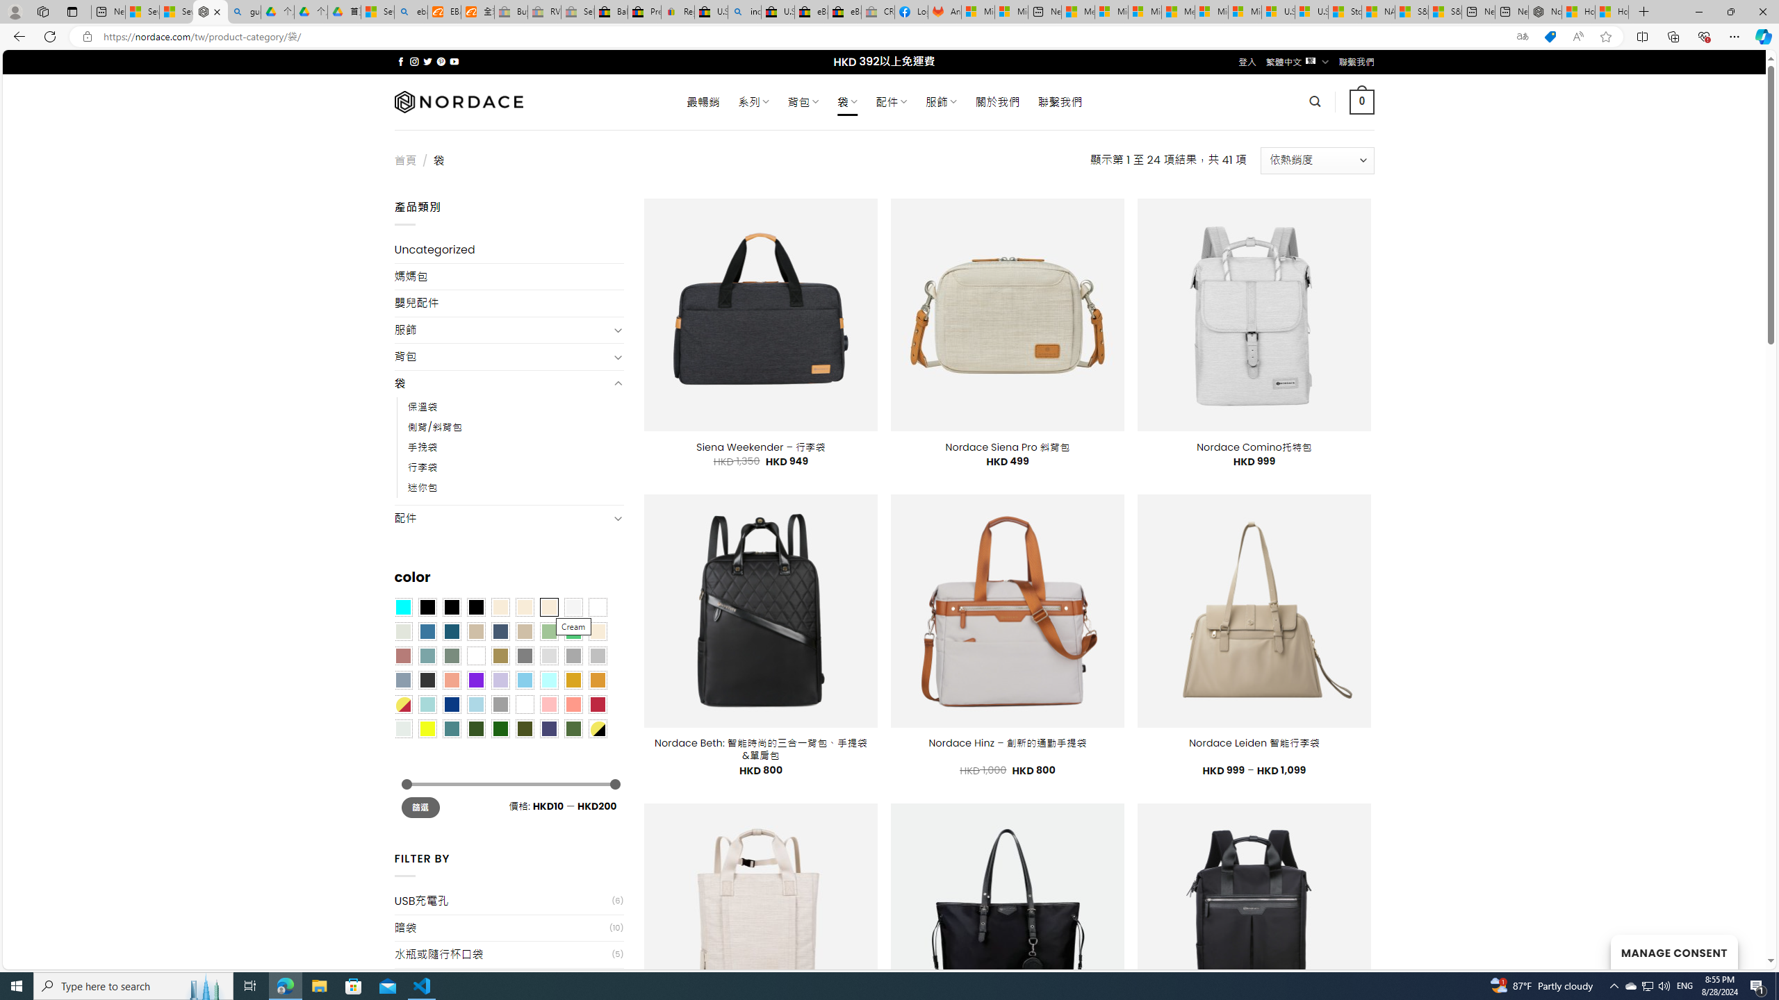  What do you see at coordinates (454, 61) in the screenshot?
I see `'Follow on YouTube'` at bounding box center [454, 61].